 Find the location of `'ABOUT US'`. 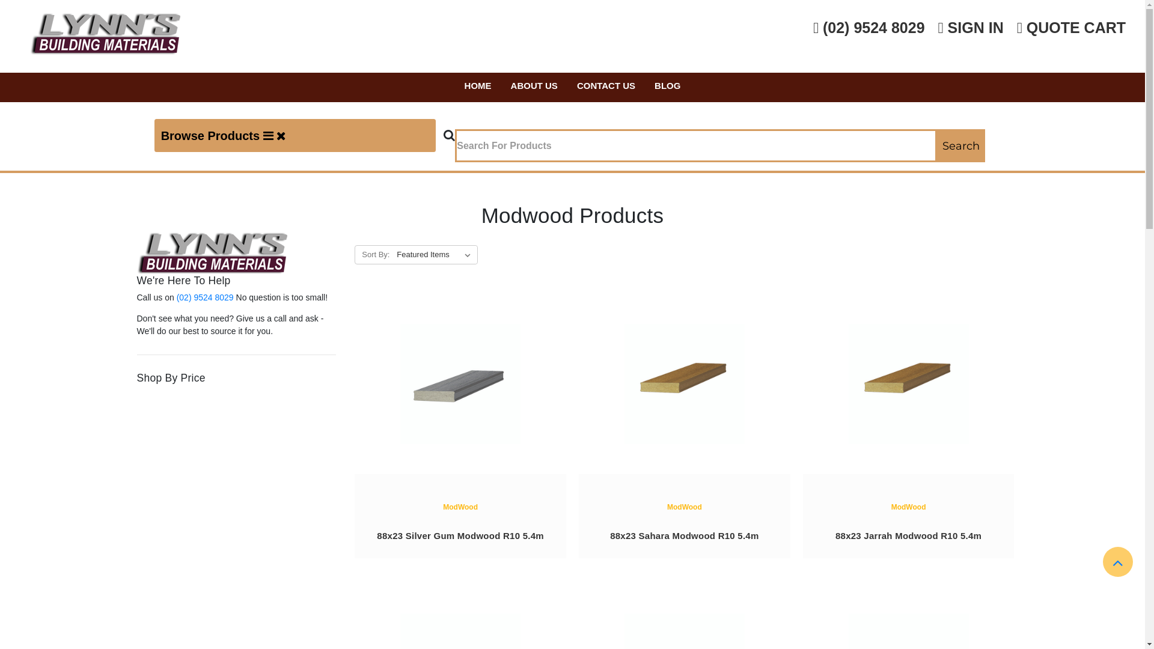

'ABOUT US' is located at coordinates (533, 87).